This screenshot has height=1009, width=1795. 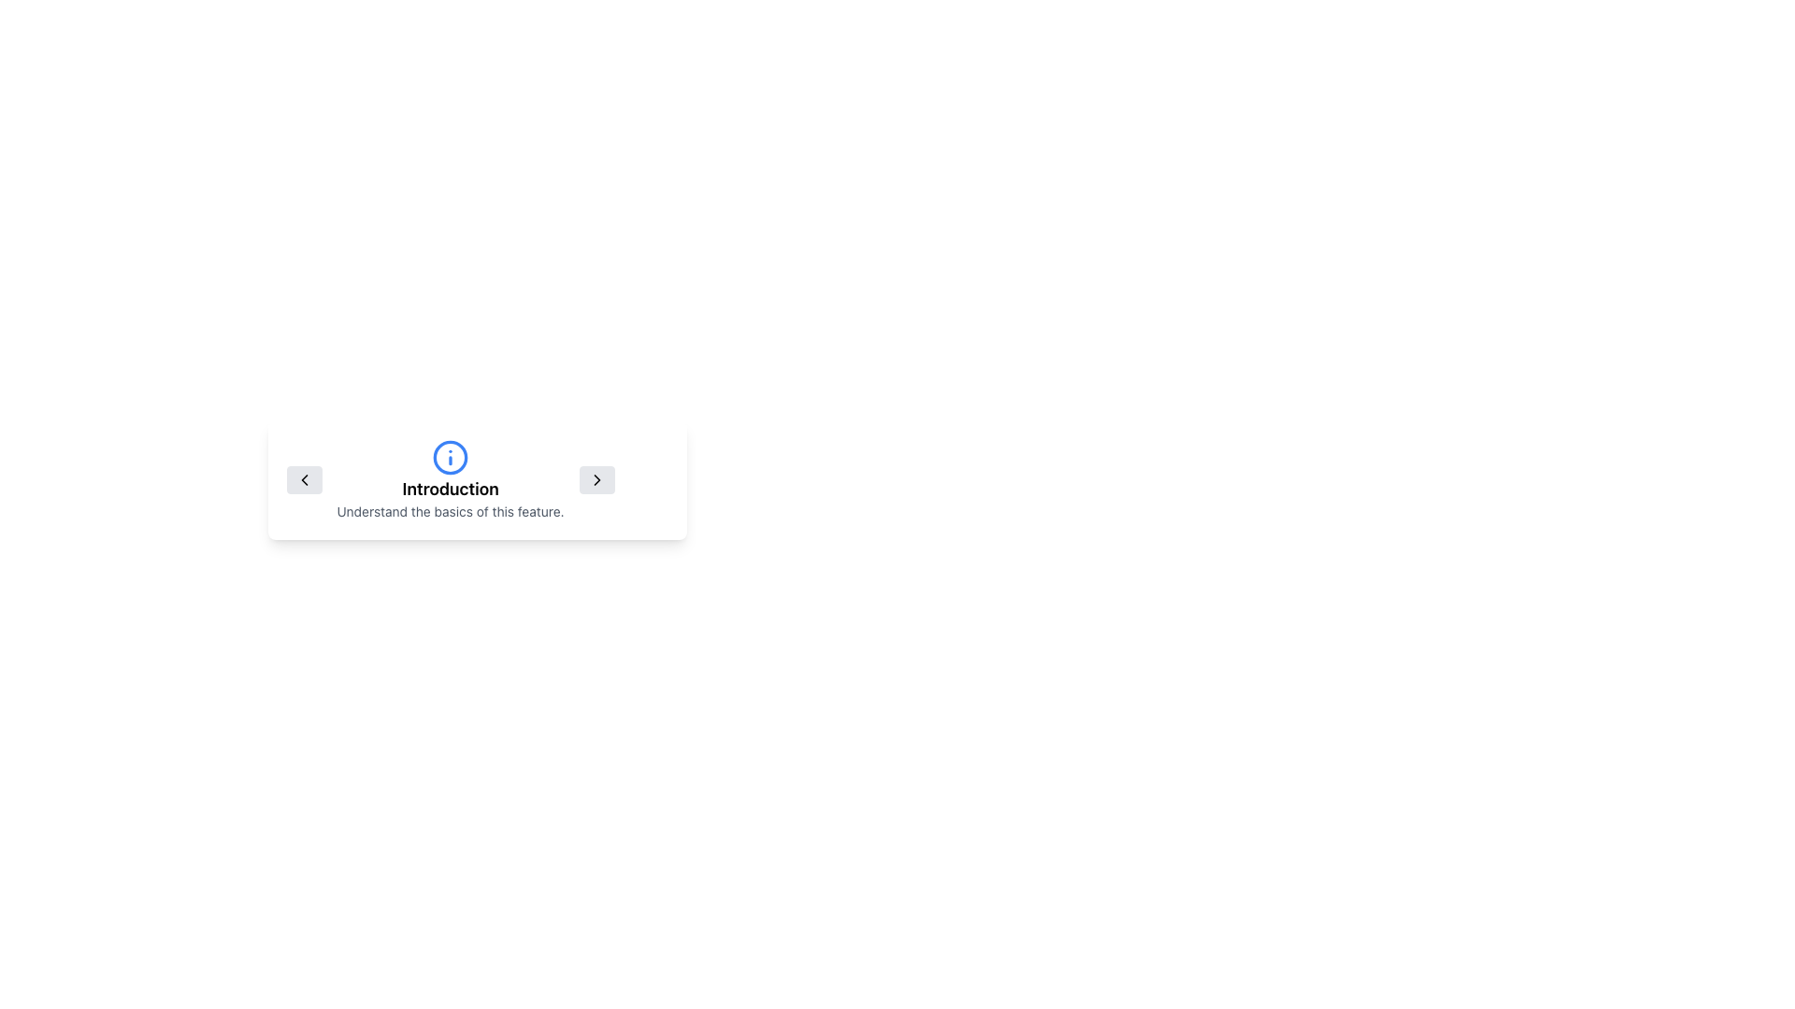 I want to click on the triangular-shaped icon pointing to the right, which is positioned within a small rectangular button adjacent to the text labeled 'Introduction', so click(x=596, y=478).